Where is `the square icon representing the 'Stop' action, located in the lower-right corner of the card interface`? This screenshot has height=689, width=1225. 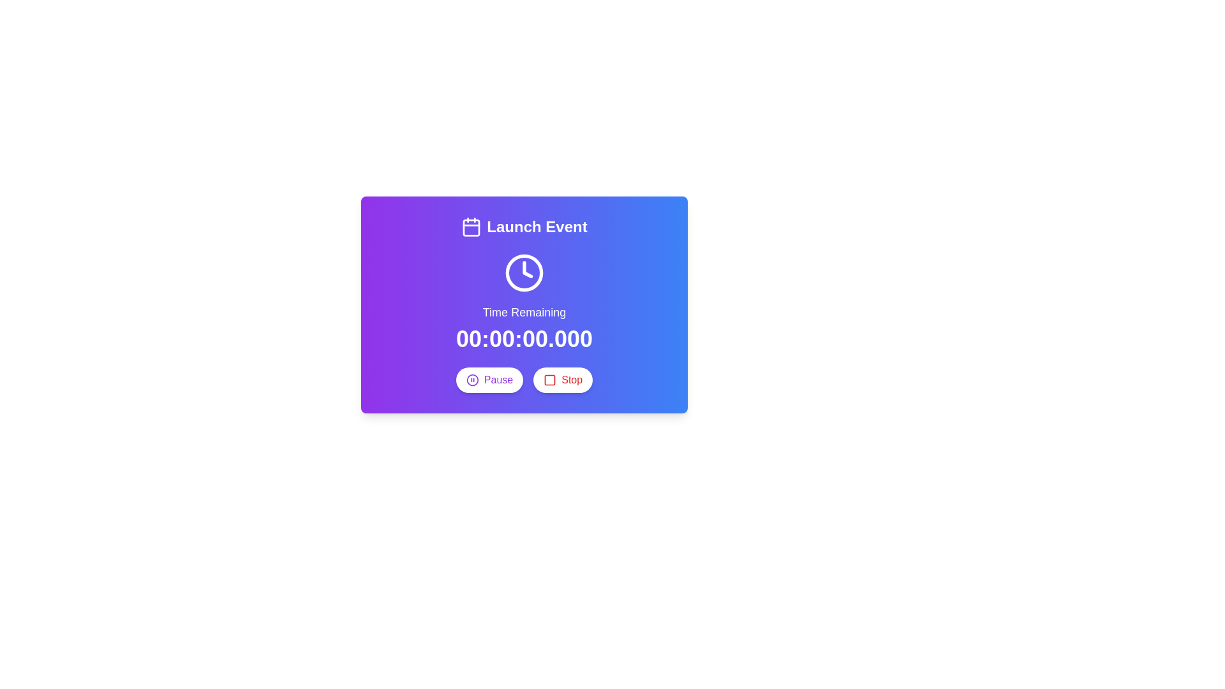 the square icon representing the 'Stop' action, located in the lower-right corner of the card interface is located at coordinates (550, 380).